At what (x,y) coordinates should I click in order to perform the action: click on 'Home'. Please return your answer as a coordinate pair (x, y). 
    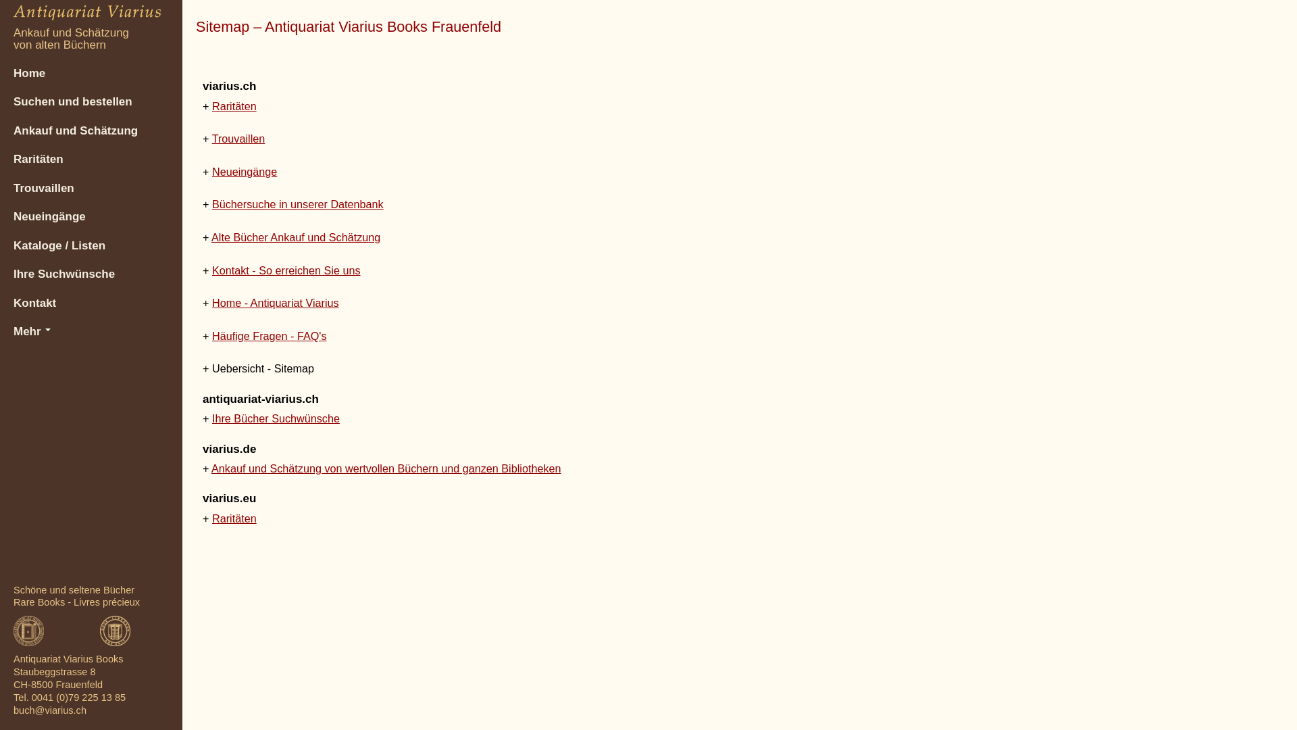
    Looking at the image, I should click on (90, 79).